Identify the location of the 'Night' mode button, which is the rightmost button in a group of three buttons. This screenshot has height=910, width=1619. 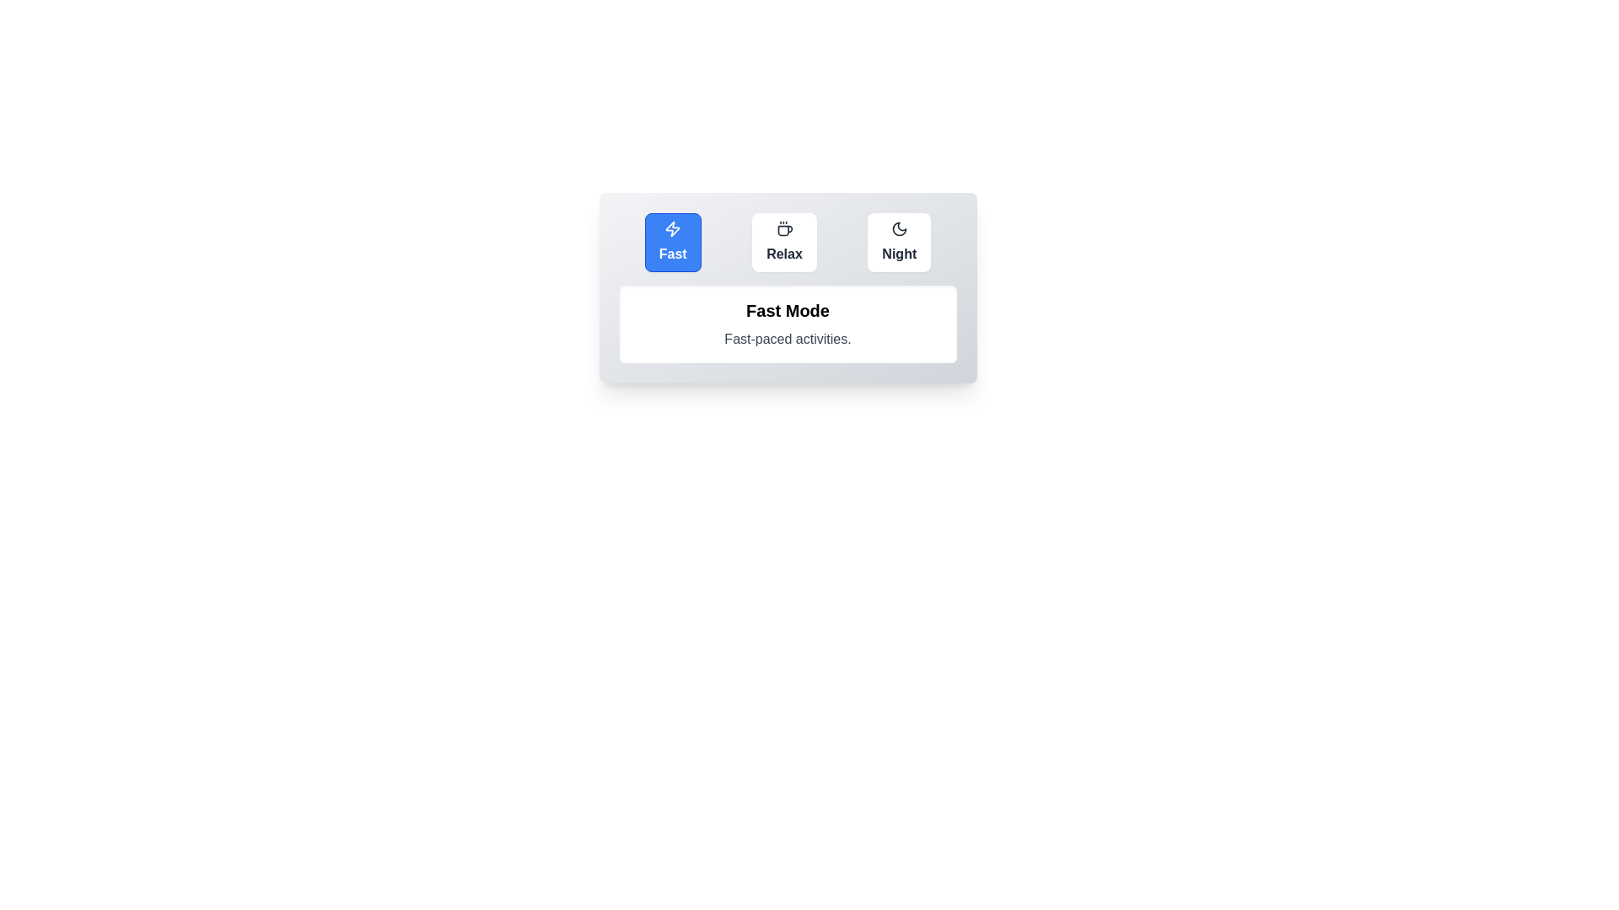
(898, 243).